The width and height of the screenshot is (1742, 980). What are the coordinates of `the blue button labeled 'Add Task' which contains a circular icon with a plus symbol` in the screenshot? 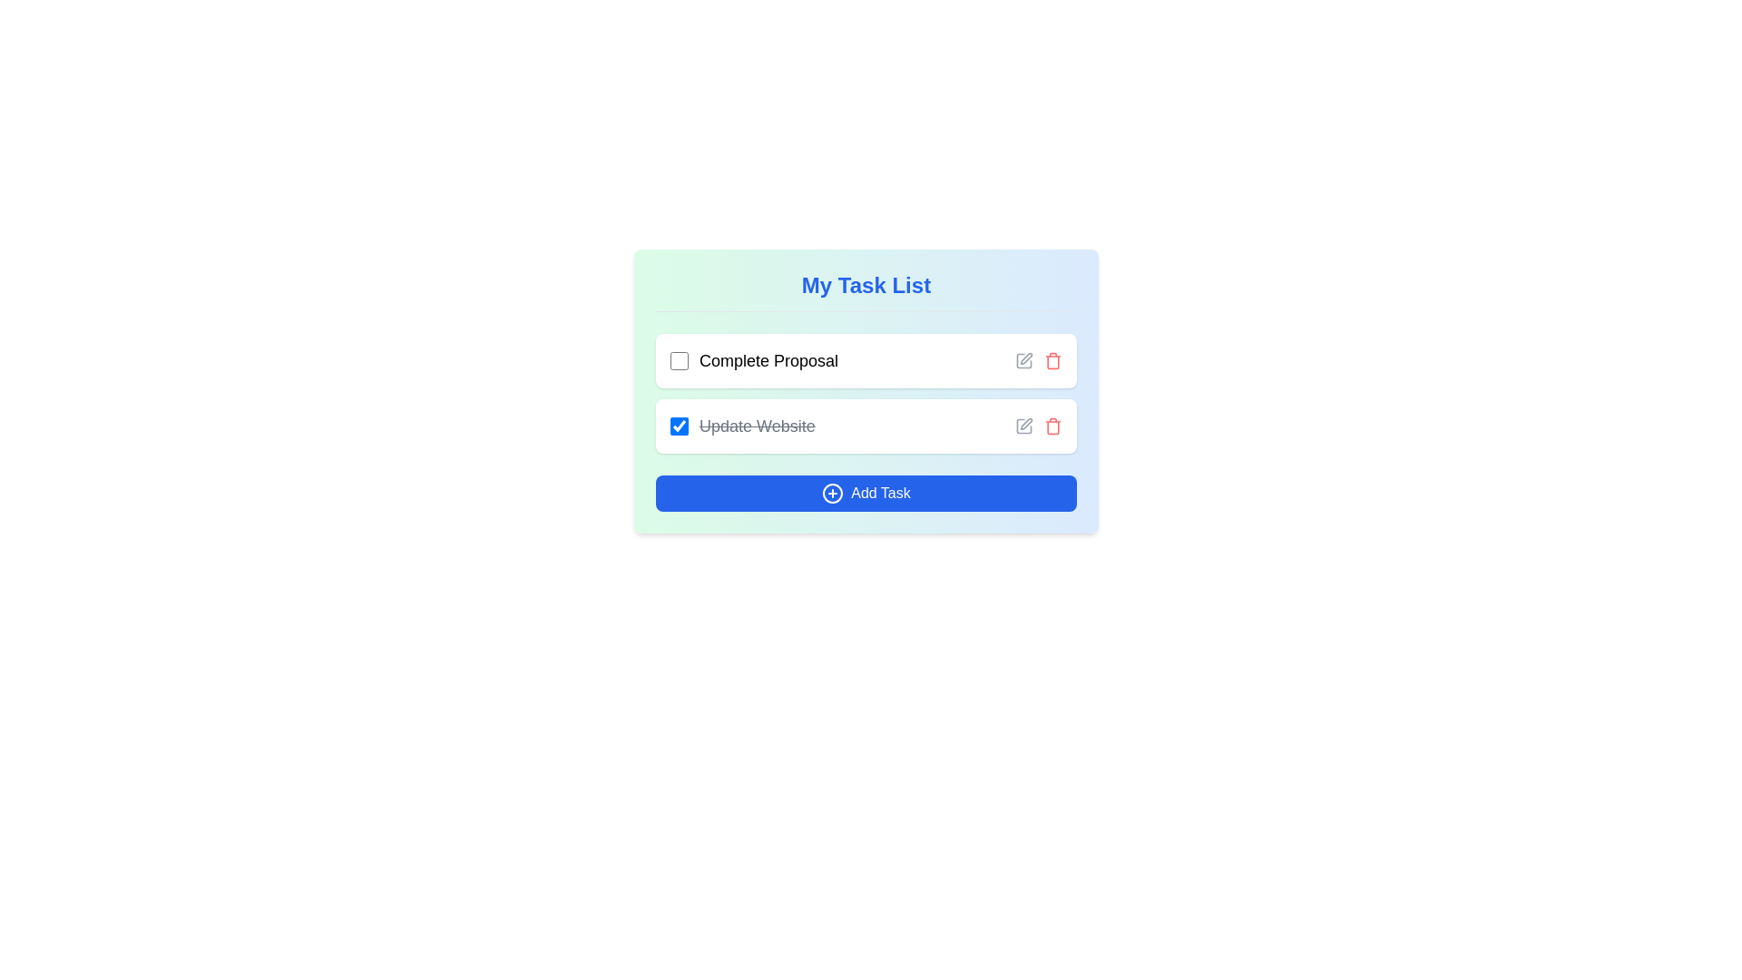 It's located at (831, 493).